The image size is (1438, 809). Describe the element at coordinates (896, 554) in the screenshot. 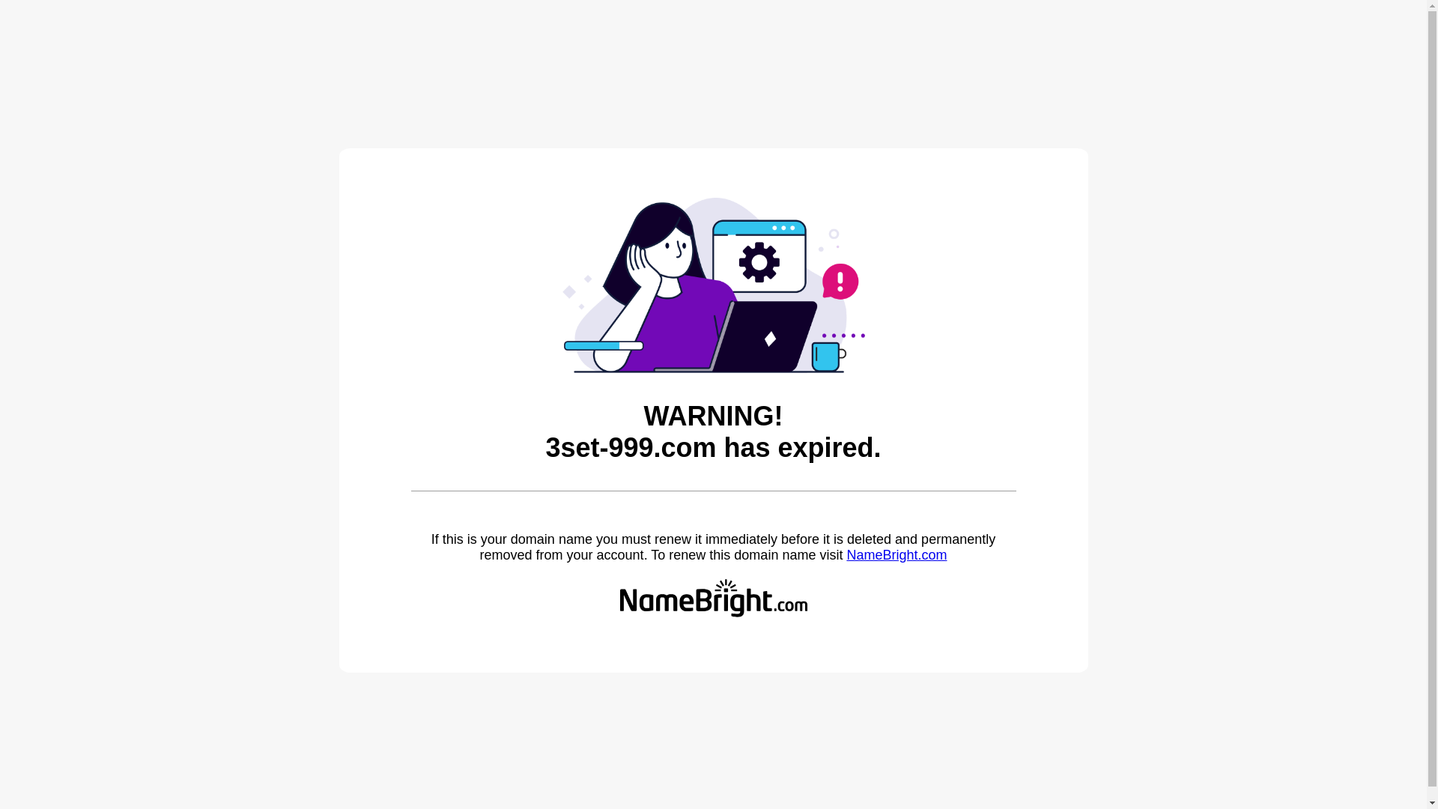

I see `'NameBright.com'` at that location.